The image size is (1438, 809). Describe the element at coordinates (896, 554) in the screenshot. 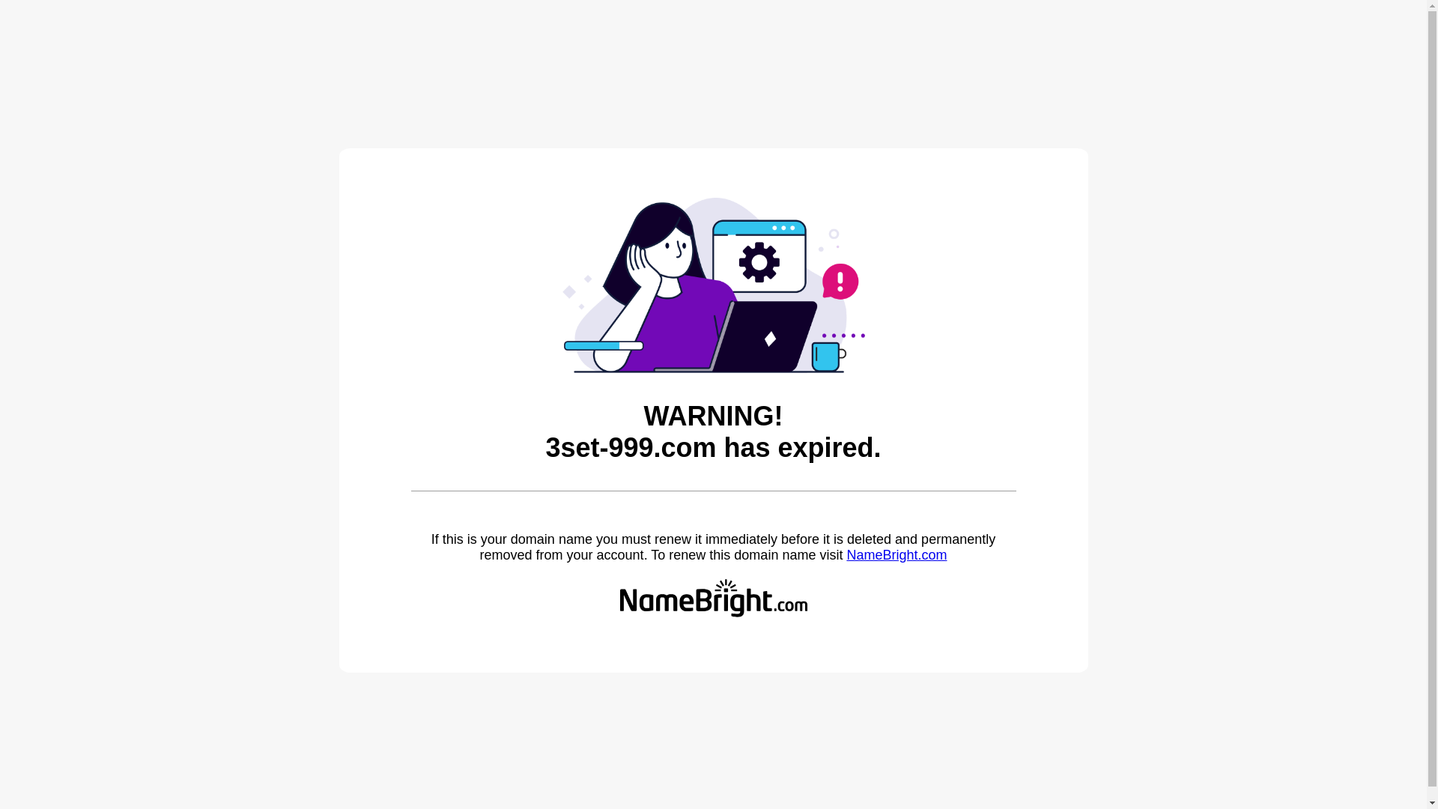

I see `'NameBright.com'` at that location.